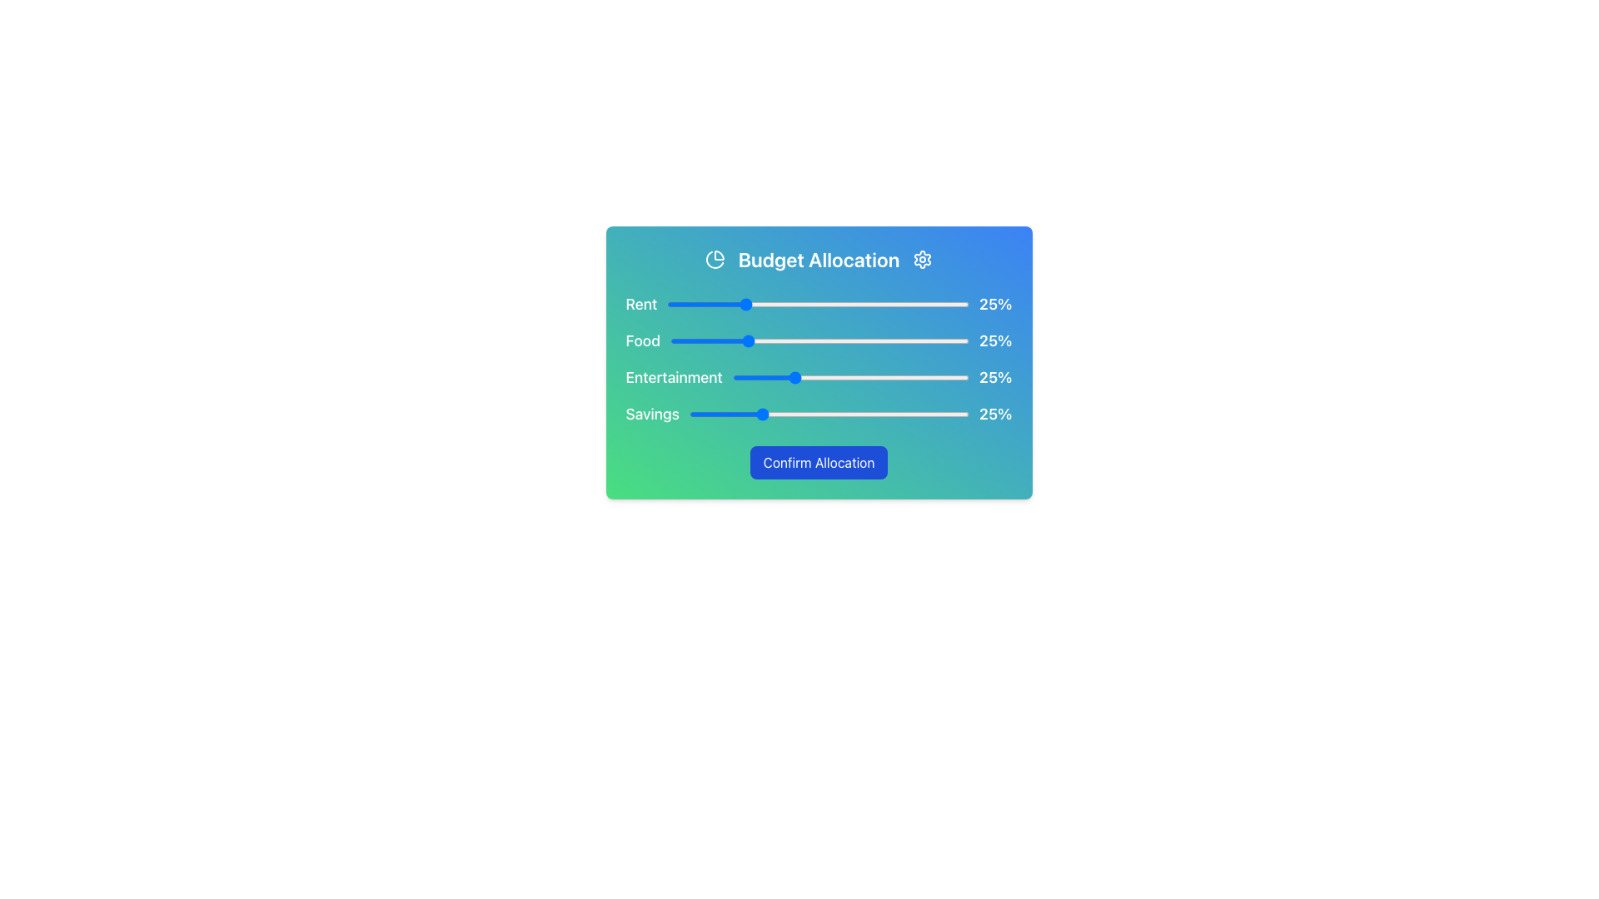 Image resolution: width=1599 pixels, height=899 pixels. I want to click on the slider, so click(884, 340).